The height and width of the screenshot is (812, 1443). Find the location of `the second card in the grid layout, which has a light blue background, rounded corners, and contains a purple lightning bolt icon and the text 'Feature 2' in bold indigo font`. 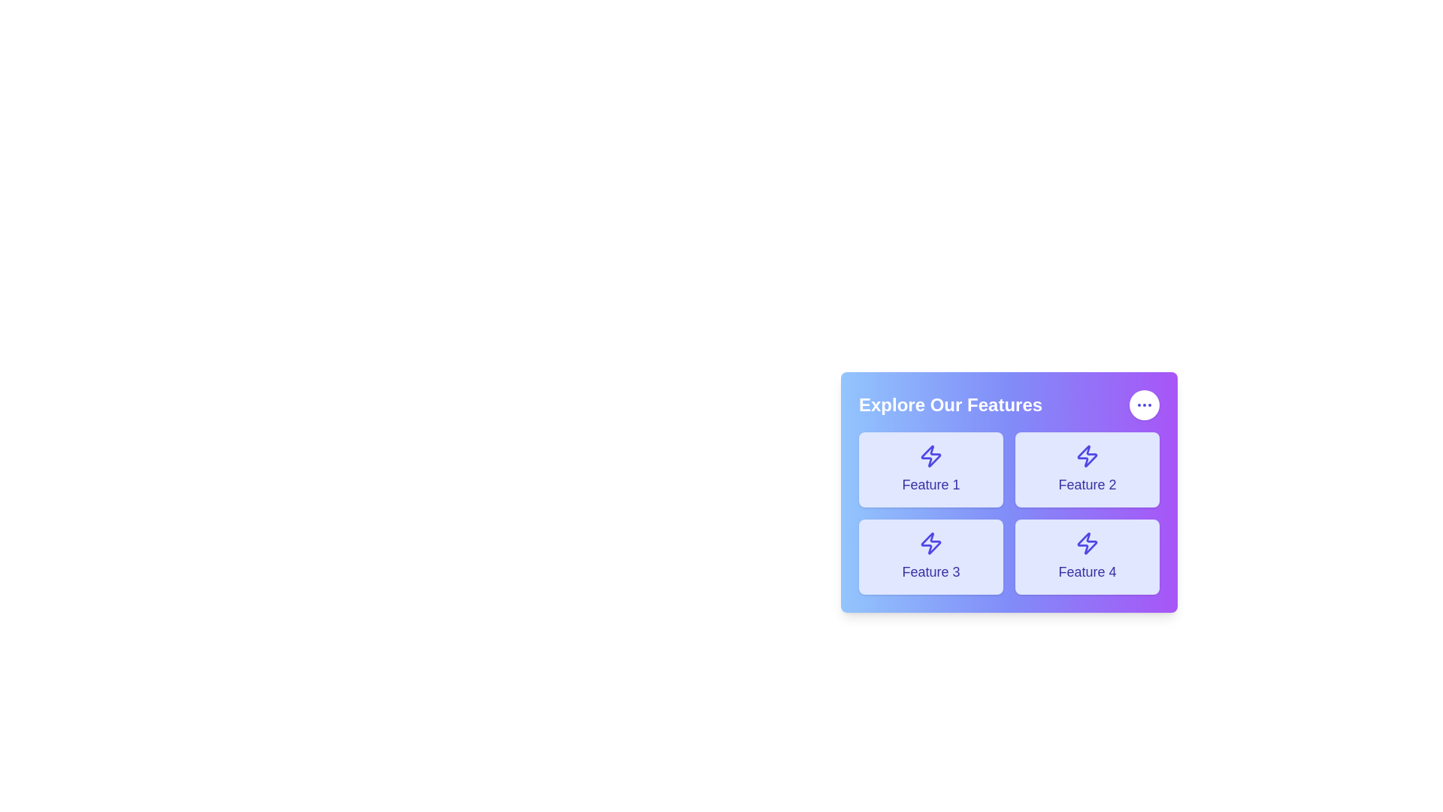

the second card in the grid layout, which has a light blue background, rounded corners, and contains a purple lightning bolt icon and the text 'Feature 2' in bold indigo font is located at coordinates (1087, 468).